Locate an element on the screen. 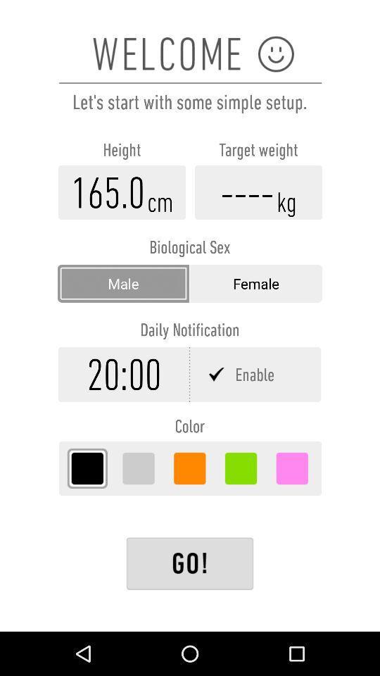  choose the color purple is located at coordinates (291, 468).